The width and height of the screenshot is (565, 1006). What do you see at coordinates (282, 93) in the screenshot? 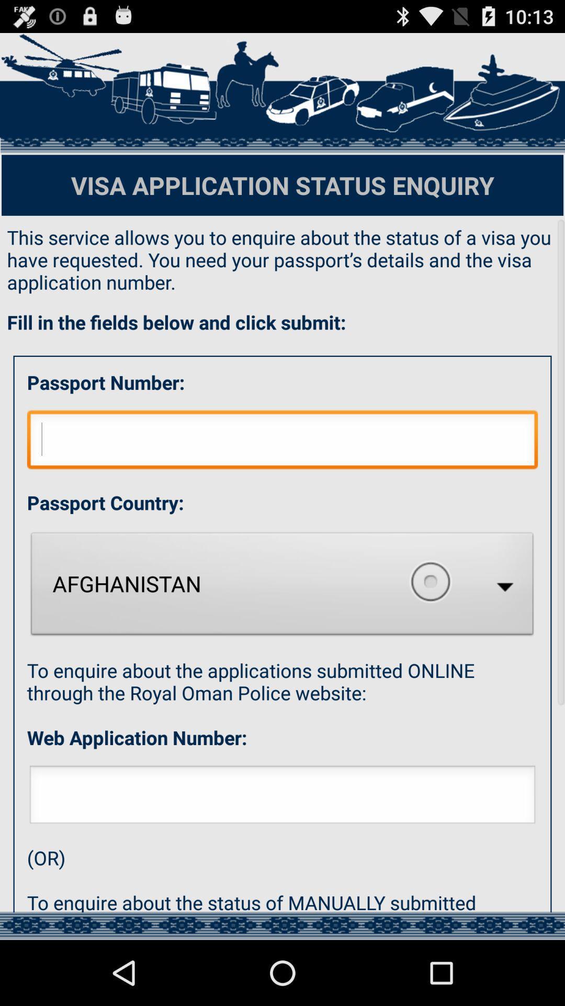
I see `the passport number field` at bounding box center [282, 93].